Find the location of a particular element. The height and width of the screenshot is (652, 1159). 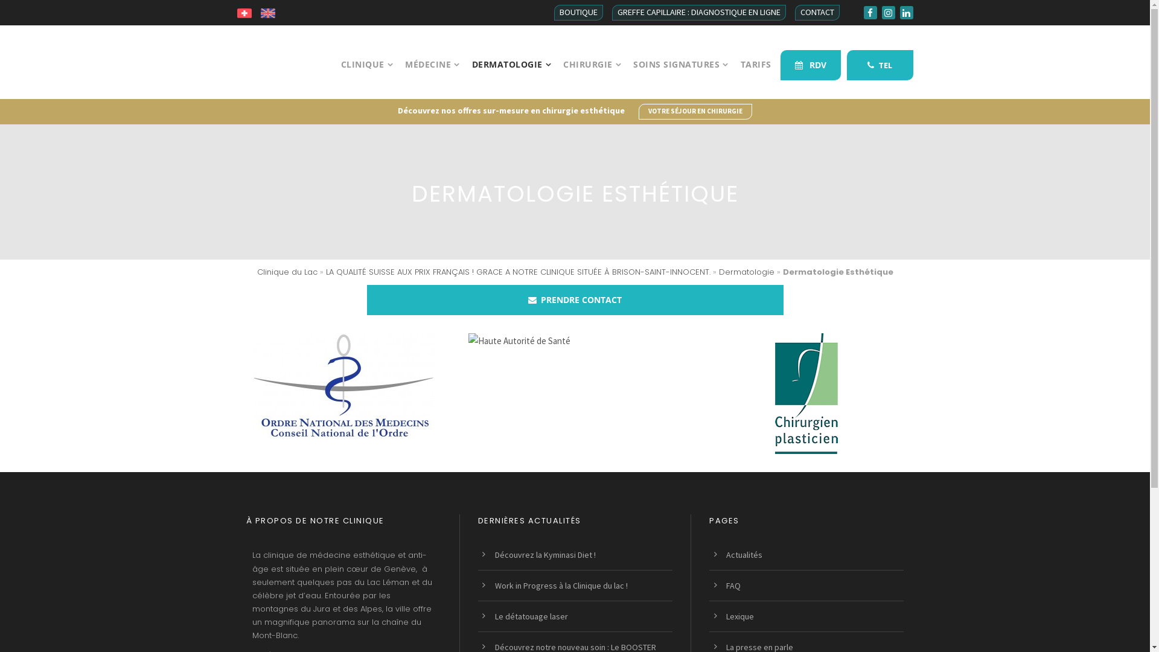

'DERMATOLOGIE' is located at coordinates (512, 78).